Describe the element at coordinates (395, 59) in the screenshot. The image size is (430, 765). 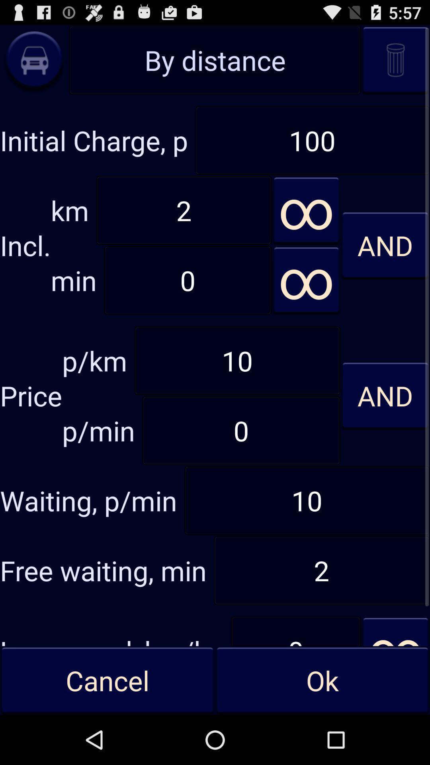
I see `trash the trip` at that location.